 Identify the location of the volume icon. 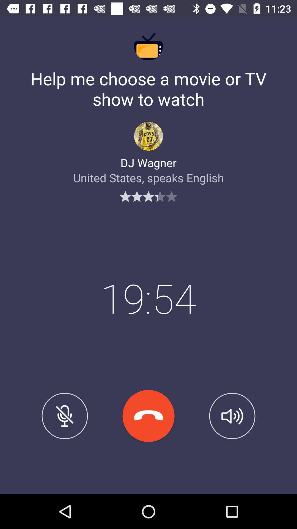
(232, 416).